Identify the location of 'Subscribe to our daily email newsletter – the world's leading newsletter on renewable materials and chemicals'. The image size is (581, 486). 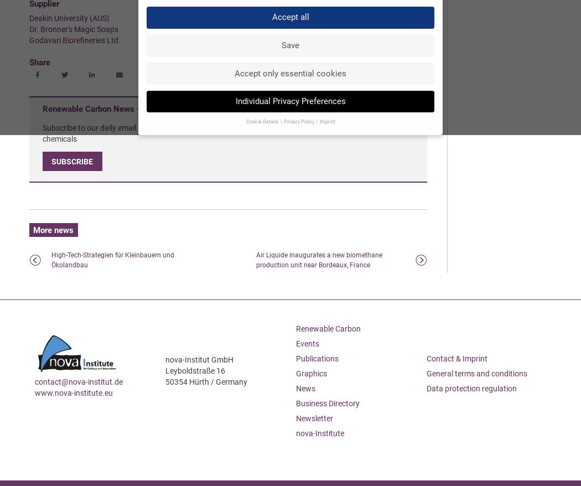
(210, 132).